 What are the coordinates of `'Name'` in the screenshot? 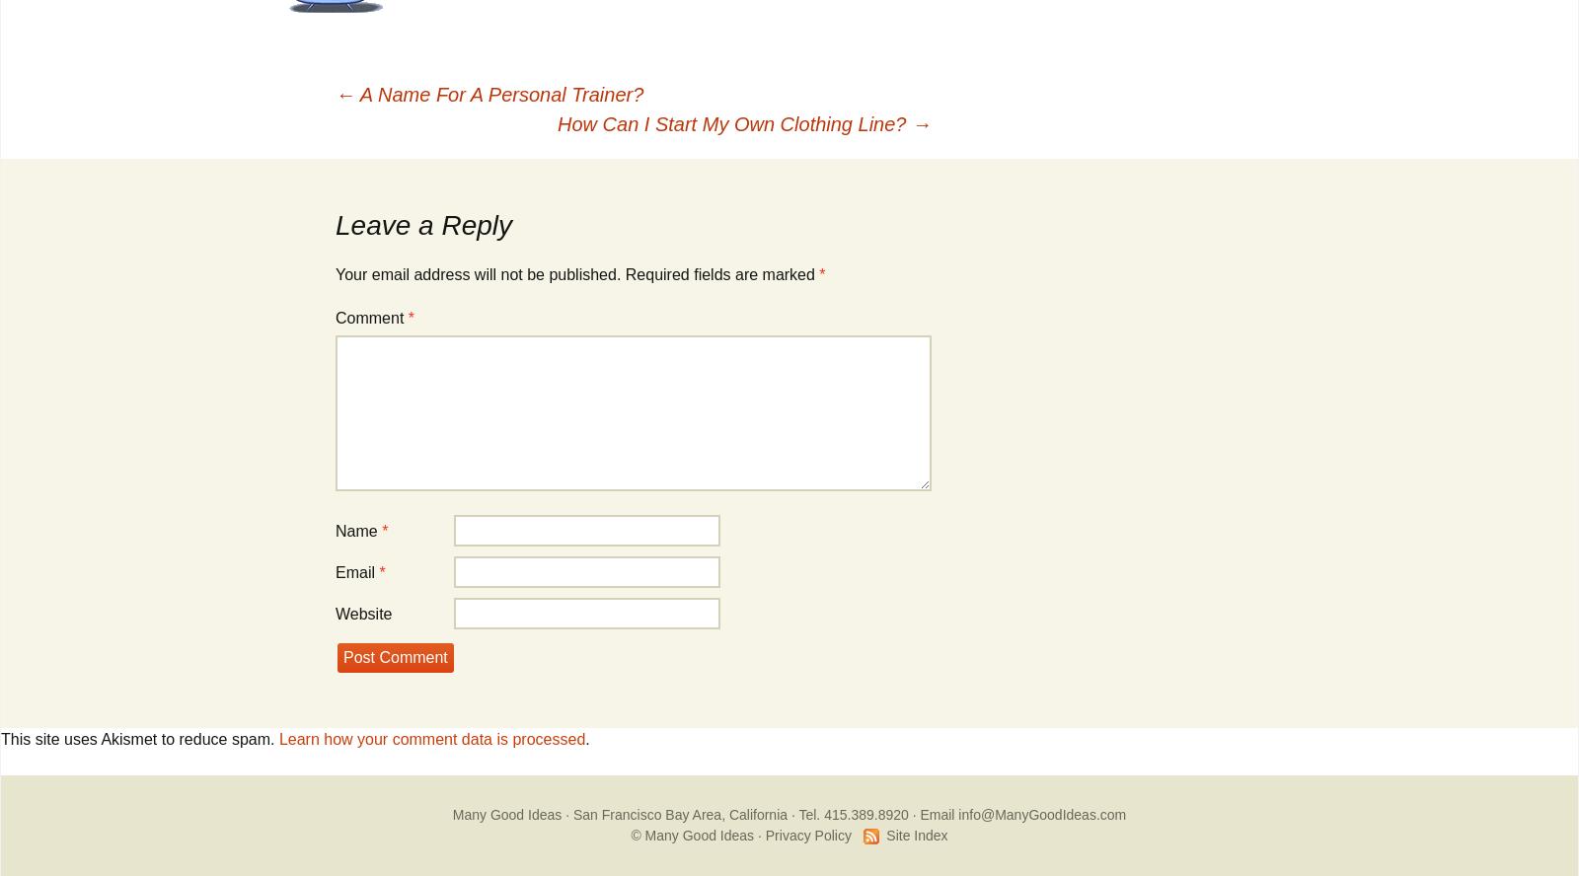 It's located at (358, 530).